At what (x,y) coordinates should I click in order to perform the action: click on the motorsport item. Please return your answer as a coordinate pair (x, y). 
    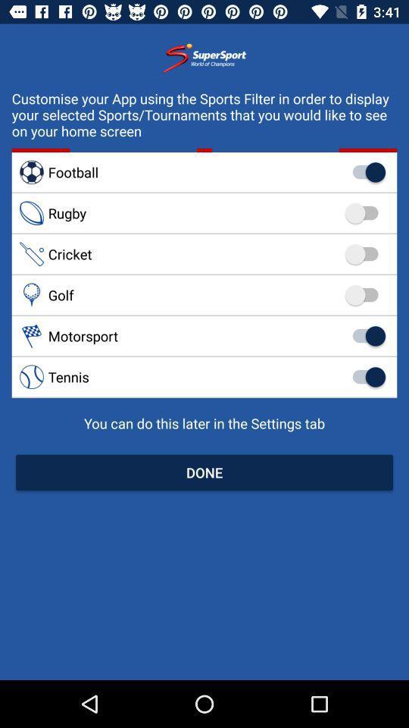
    Looking at the image, I should click on (204, 336).